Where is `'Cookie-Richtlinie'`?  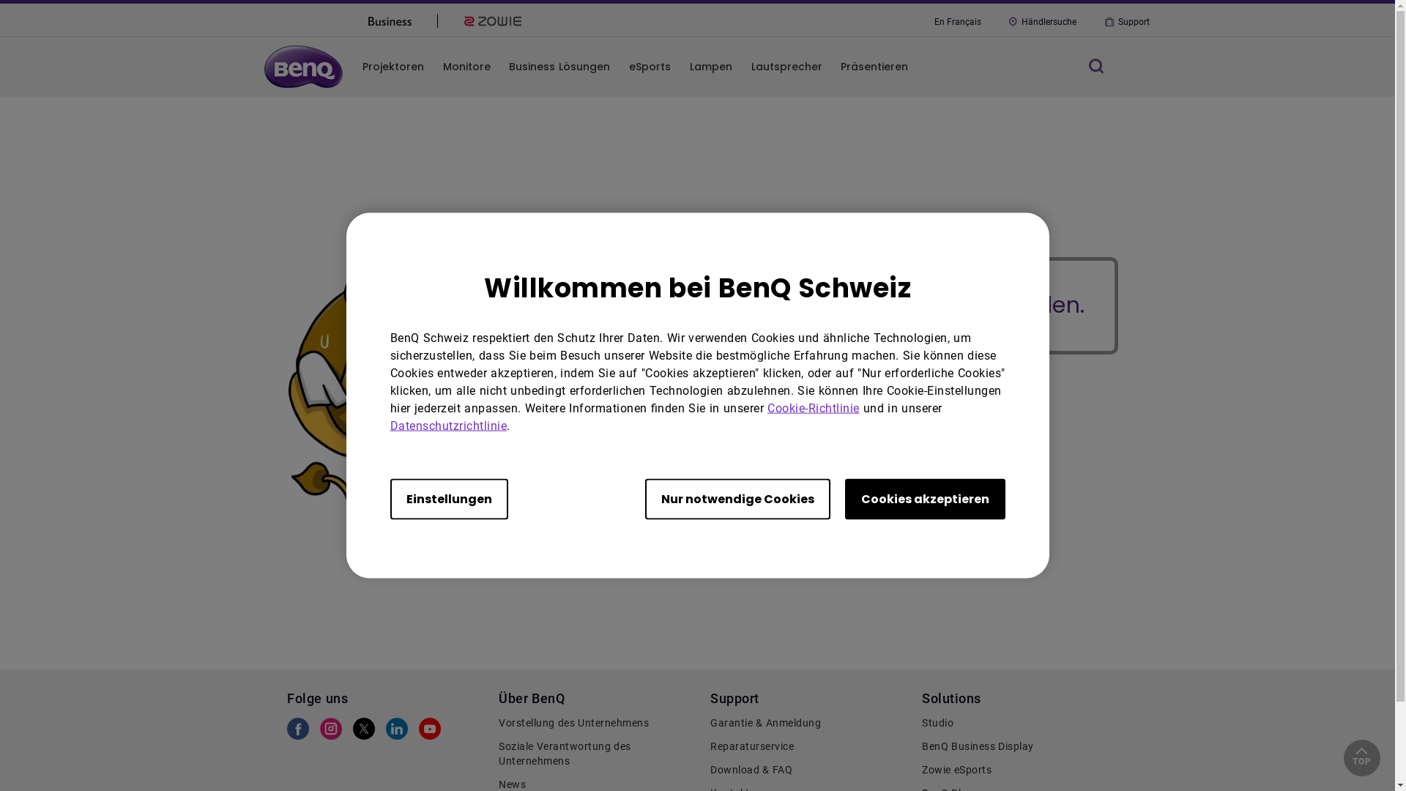 'Cookie-Richtlinie' is located at coordinates (812, 407).